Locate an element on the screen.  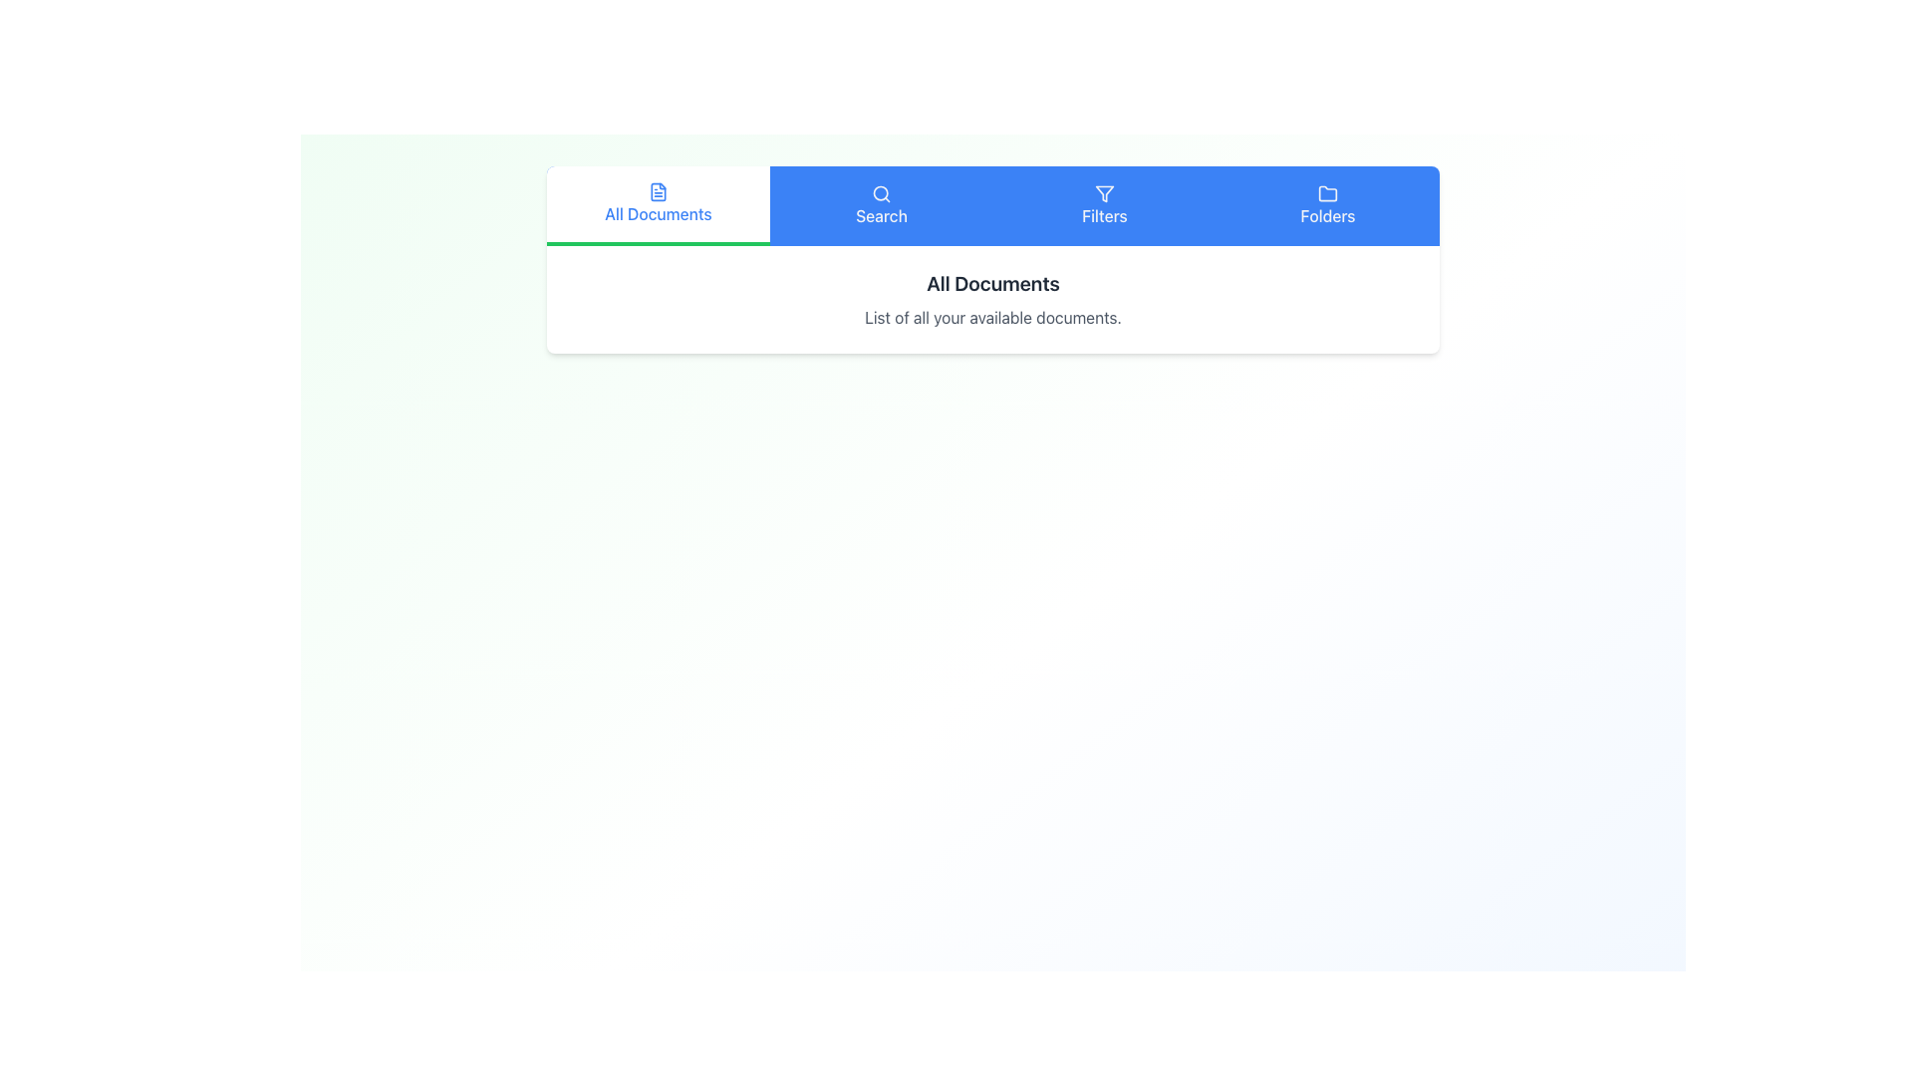
the 'Filters' navigation button, which is the third item in the horizontal navigation bar located between 'Search' and 'Folders' is located at coordinates (1103, 206).